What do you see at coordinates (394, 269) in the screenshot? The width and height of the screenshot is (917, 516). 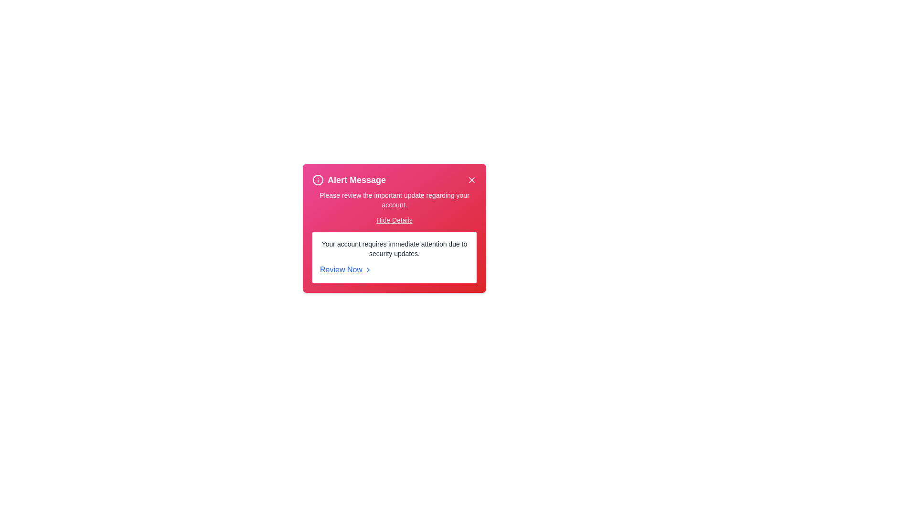 I see `the 'Review Now' link` at bounding box center [394, 269].